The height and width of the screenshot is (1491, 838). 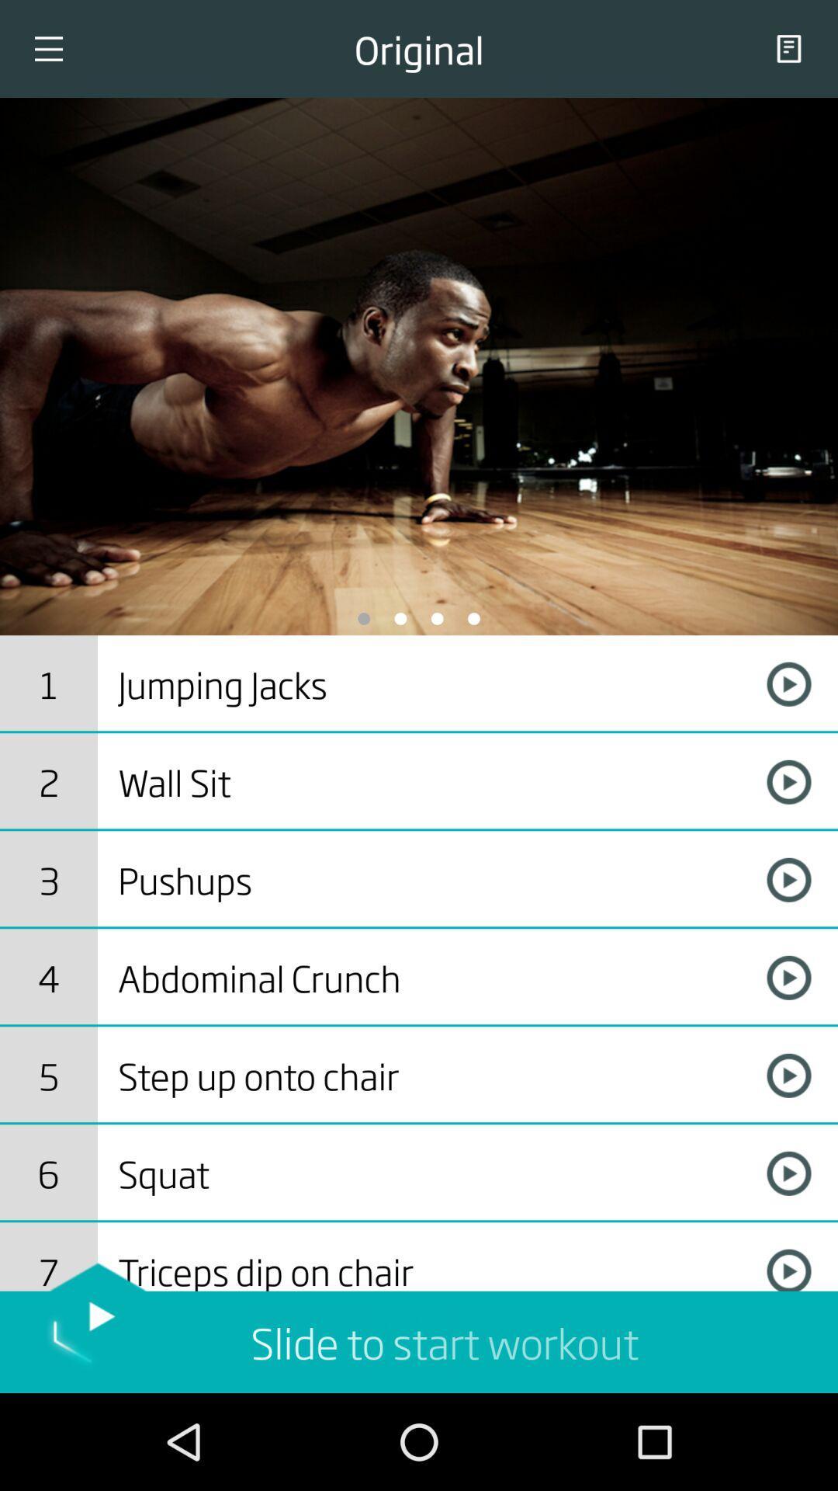 I want to click on play icon right to wall sit, so click(x=789, y=782).